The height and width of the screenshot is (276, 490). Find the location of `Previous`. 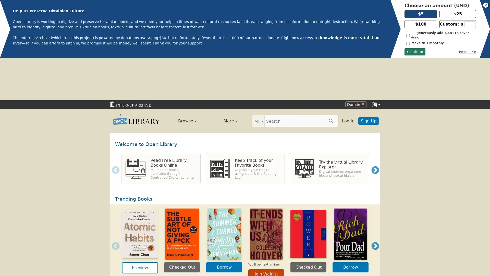

Previous is located at coordinates (114, 204).